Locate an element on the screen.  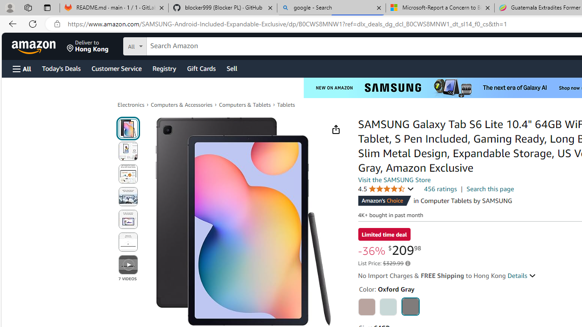
'Computers & Accessories' is located at coordinates (182, 104).